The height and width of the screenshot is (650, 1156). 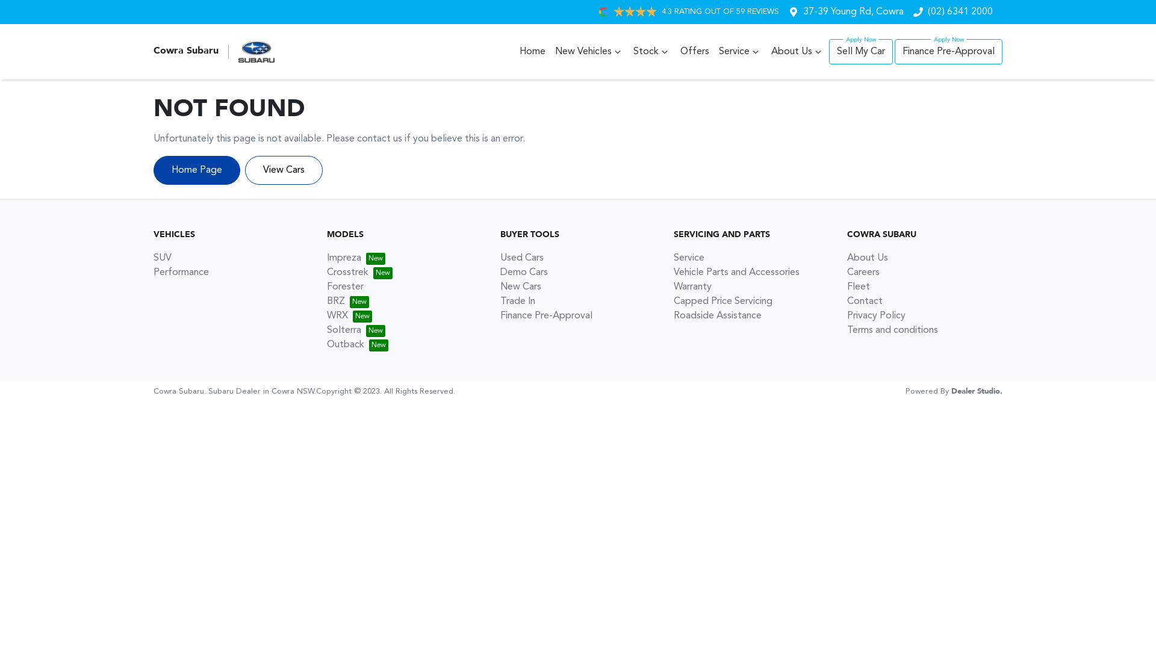 What do you see at coordinates (717, 315) in the screenshot?
I see `'Roadside Assistance'` at bounding box center [717, 315].